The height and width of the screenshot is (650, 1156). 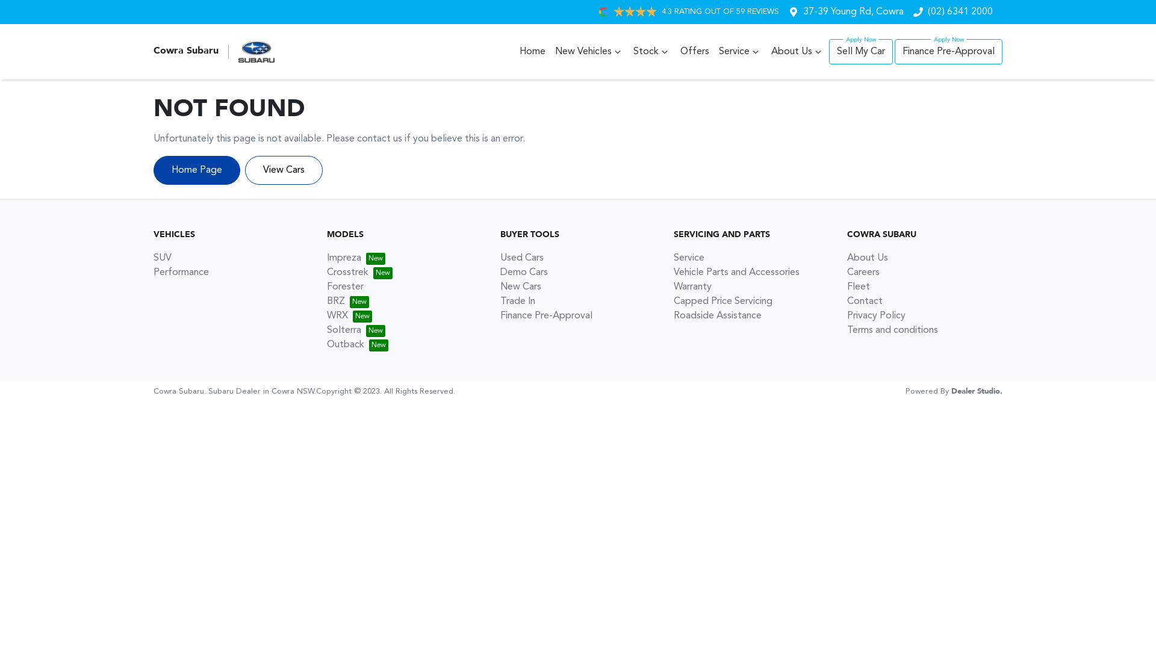 What do you see at coordinates (717, 315) in the screenshot?
I see `'Roadside Assistance'` at bounding box center [717, 315].